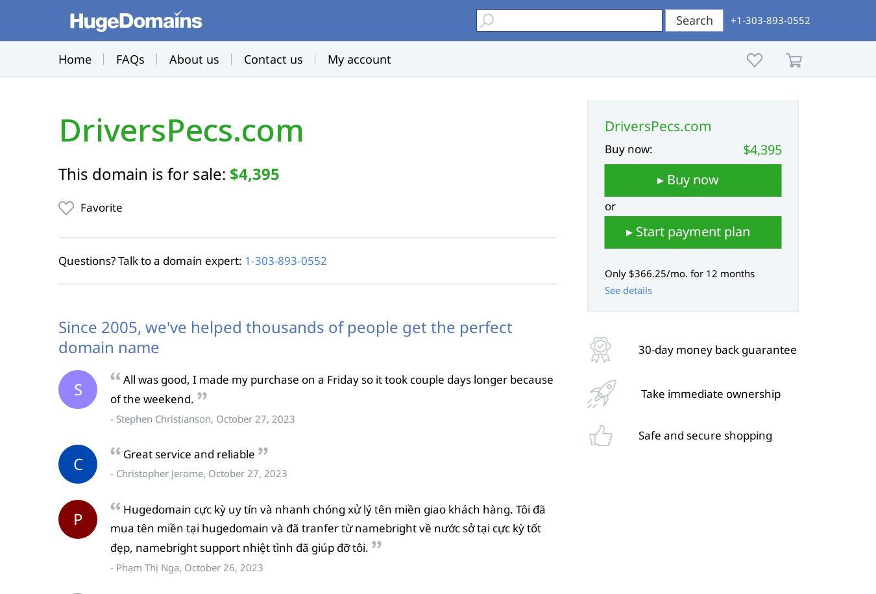 The image size is (876, 594). What do you see at coordinates (58, 129) in the screenshot?
I see `'DriversPecs.com'` at bounding box center [58, 129].